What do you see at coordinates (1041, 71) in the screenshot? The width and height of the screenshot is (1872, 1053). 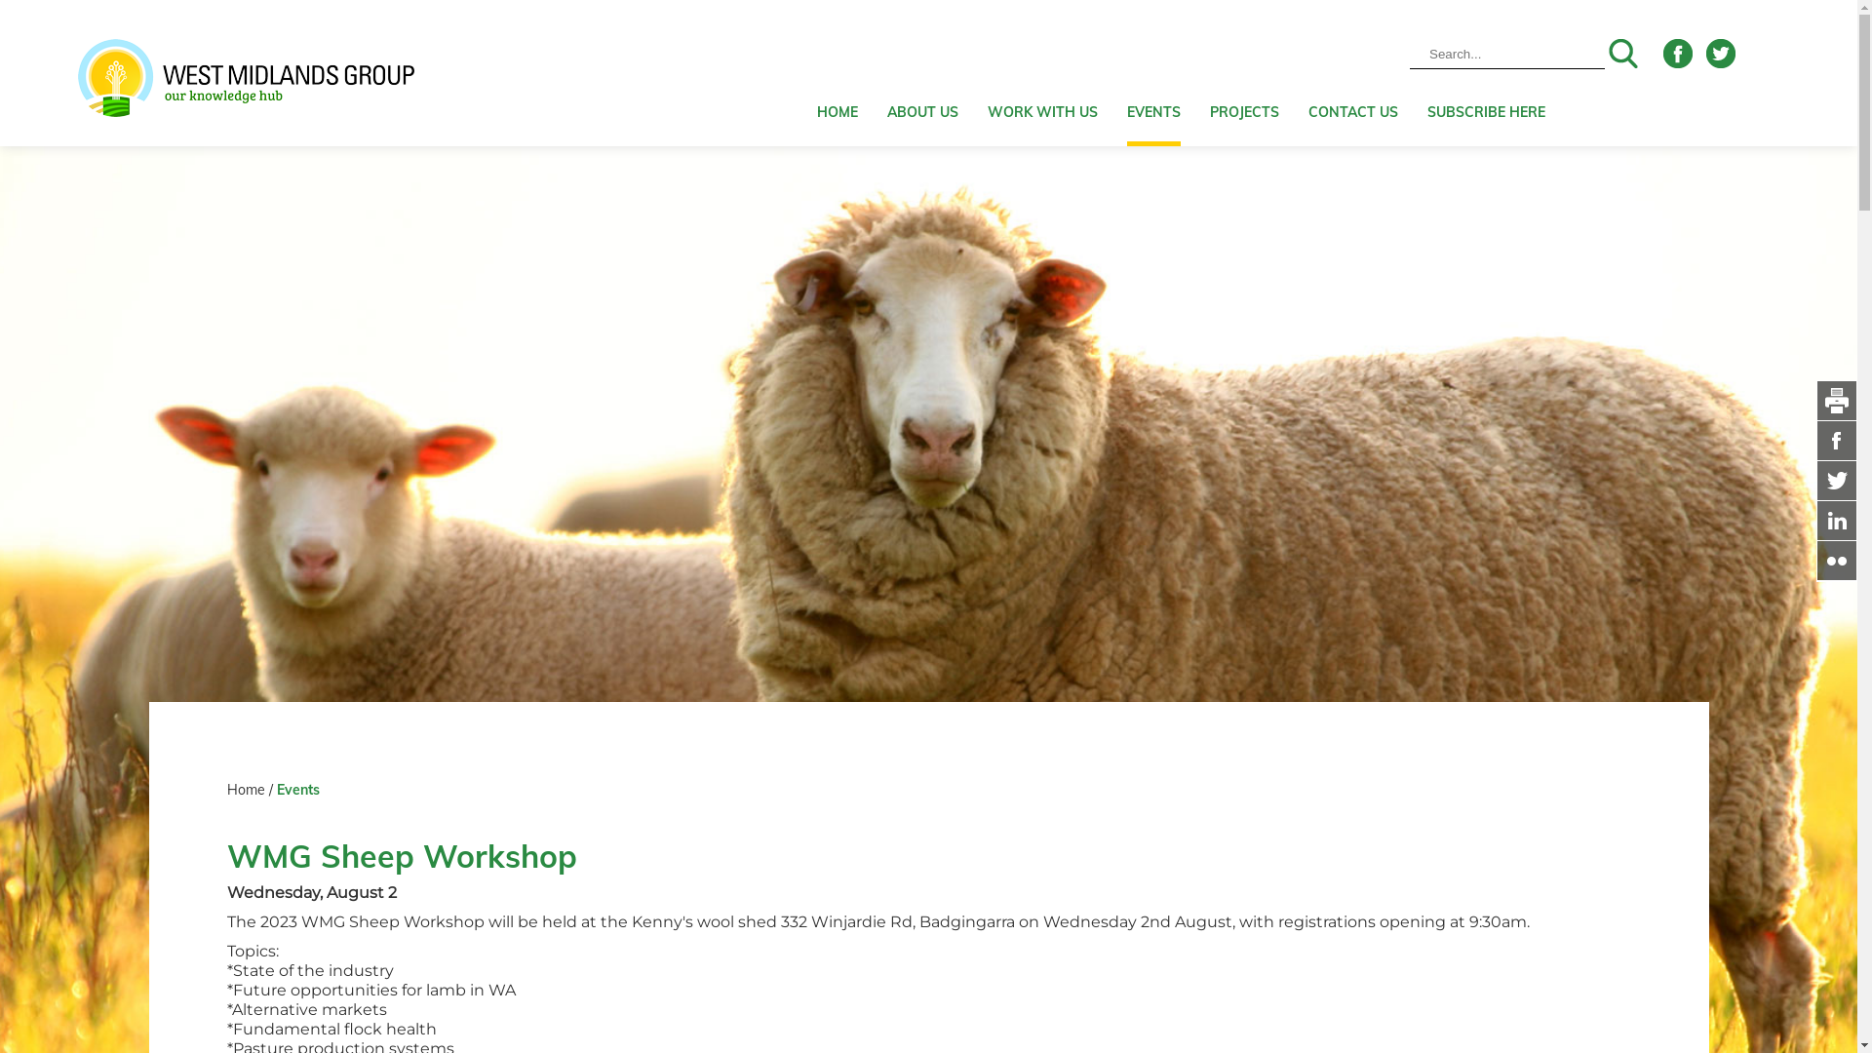 I see `'WORK WITH US'` at bounding box center [1041, 71].